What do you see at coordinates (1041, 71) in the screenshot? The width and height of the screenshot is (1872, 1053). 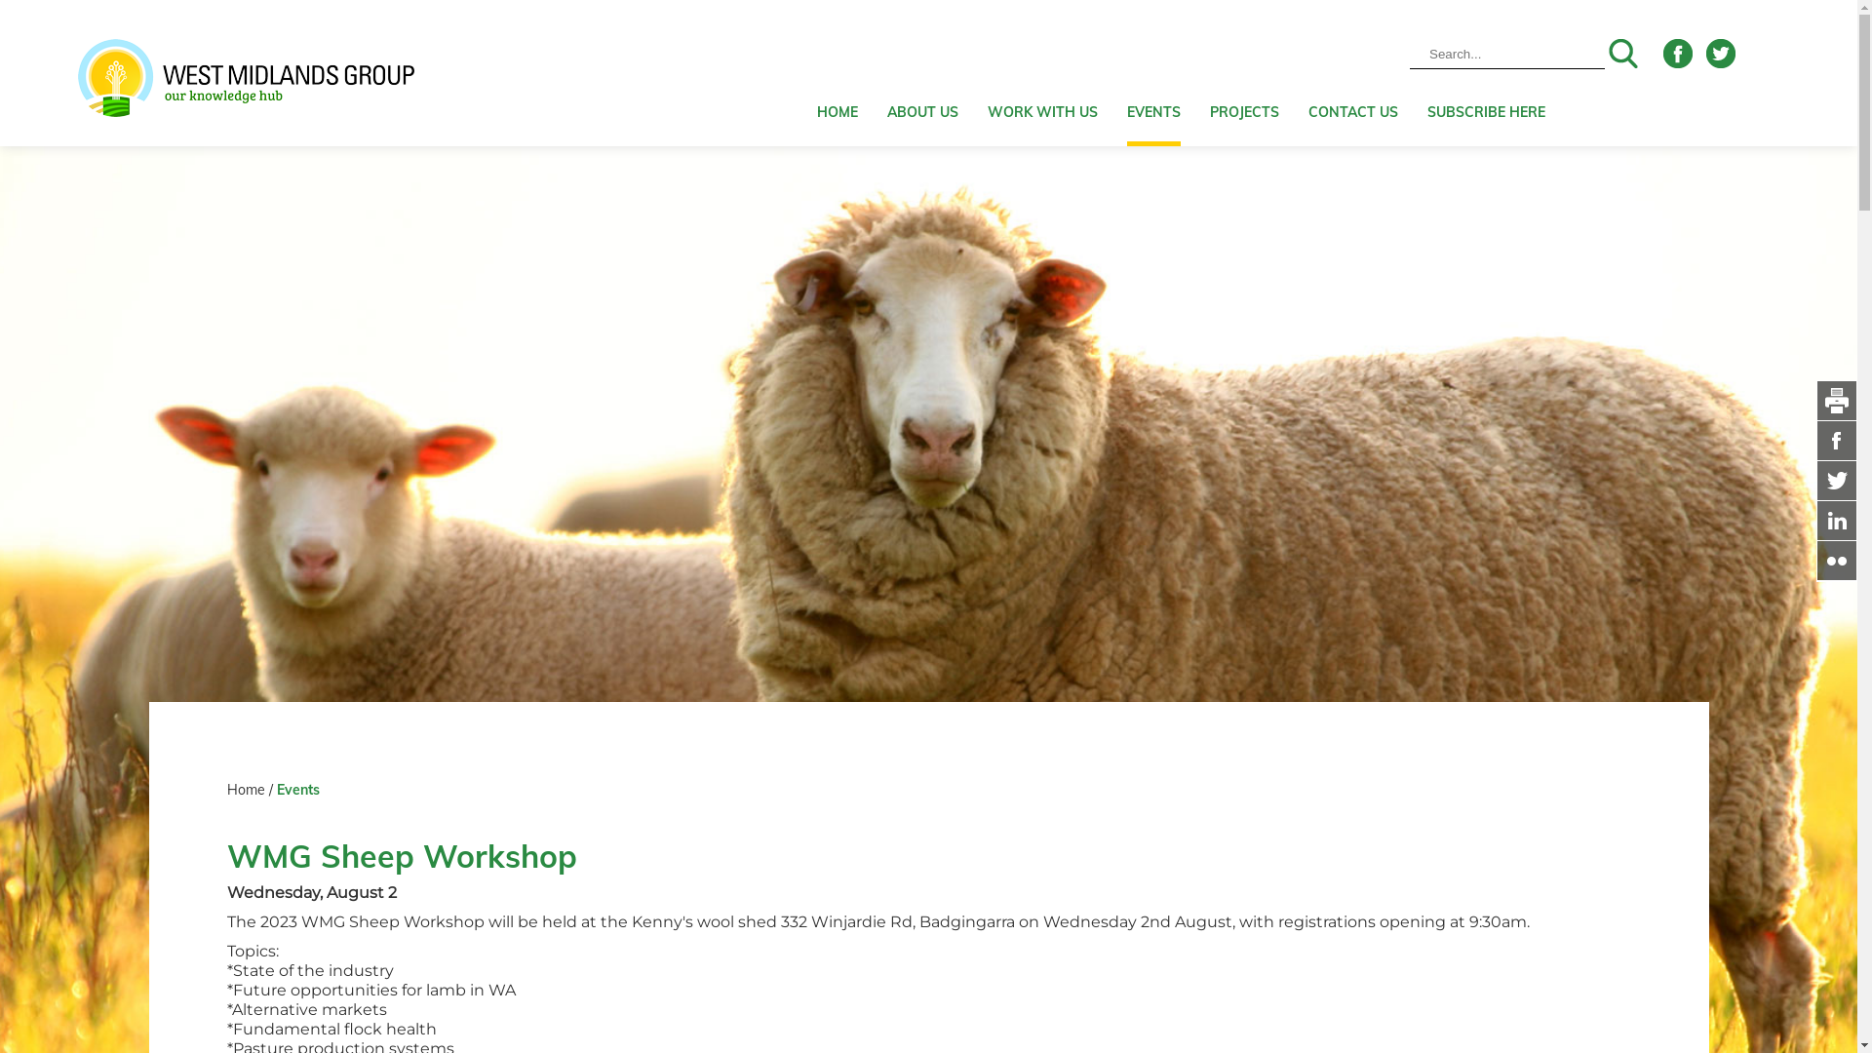 I see `'WORK WITH US'` at bounding box center [1041, 71].